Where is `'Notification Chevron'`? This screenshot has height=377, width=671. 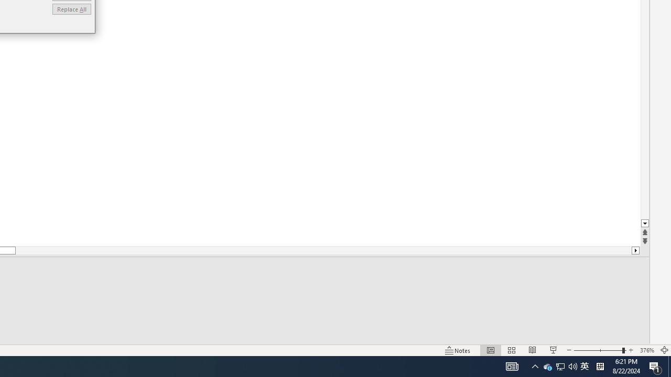
'Notification Chevron' is located at coordinates (535, 365).